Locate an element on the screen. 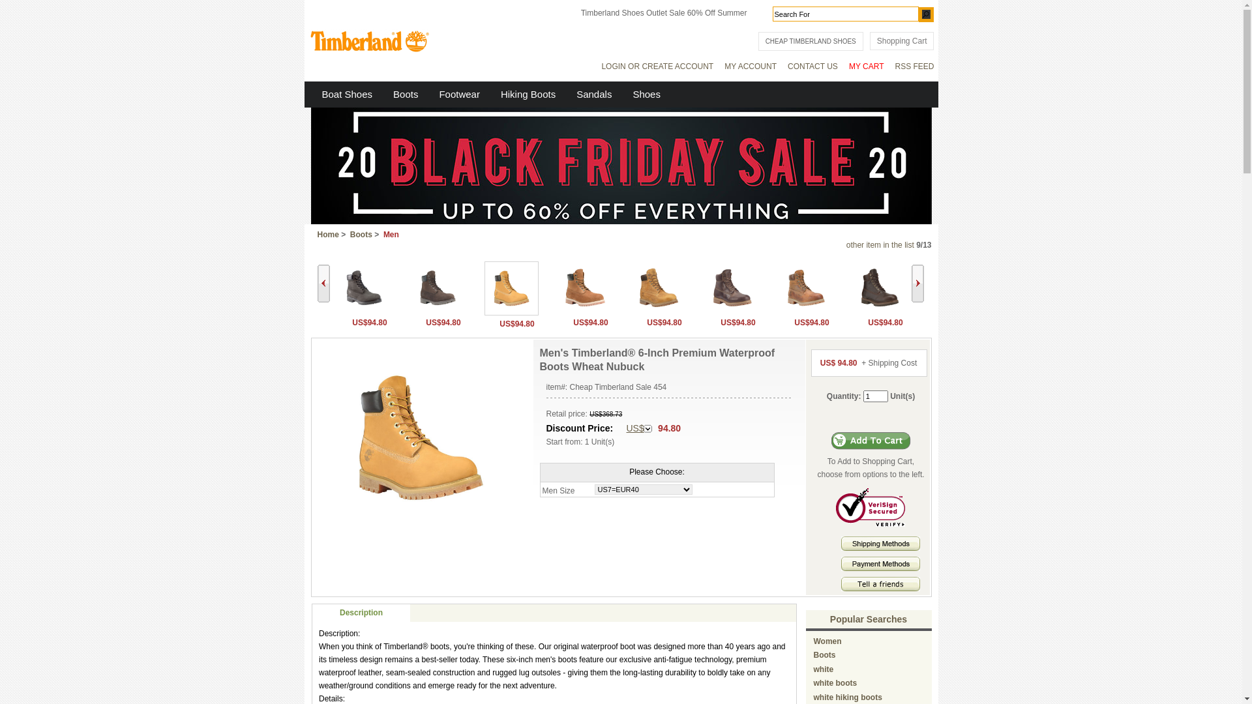  'Men' is located at coordinates (391, 233).